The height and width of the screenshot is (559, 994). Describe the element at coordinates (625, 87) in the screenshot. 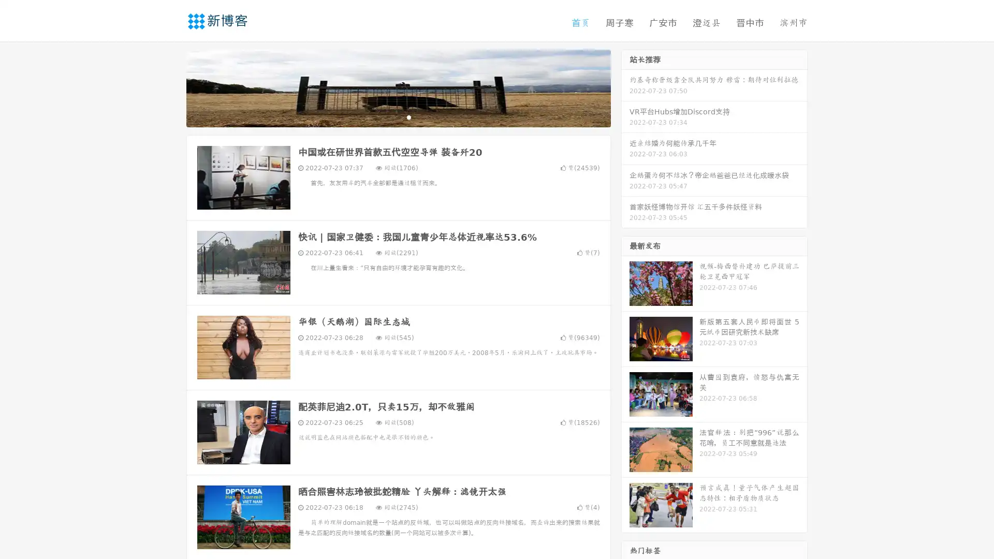

I see `Next slide` at that location.